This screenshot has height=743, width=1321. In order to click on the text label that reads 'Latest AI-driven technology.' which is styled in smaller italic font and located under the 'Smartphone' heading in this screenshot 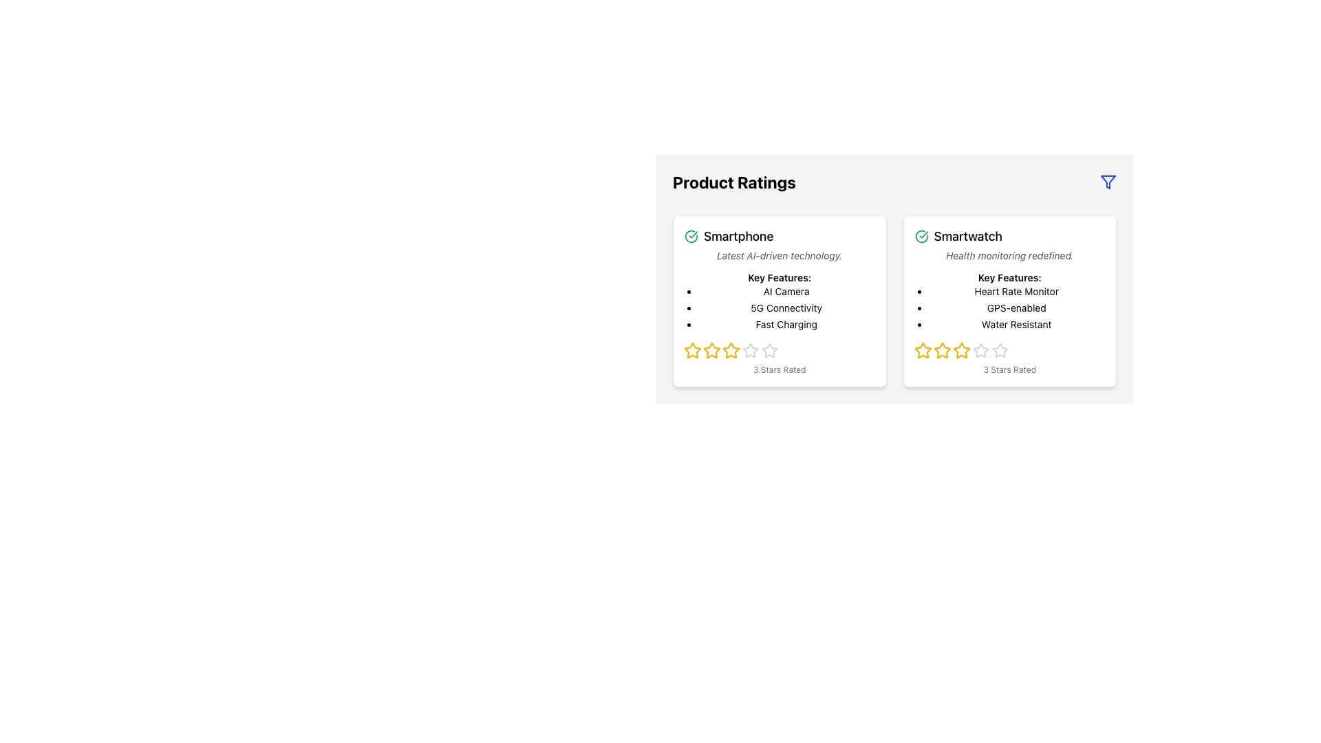, I will do `click(780, 255)`.